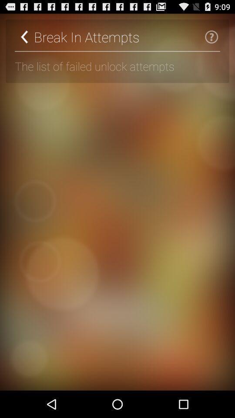  Describe the element at coordinates (211, 39) in the screenshot. I see `the help icon` at that location.